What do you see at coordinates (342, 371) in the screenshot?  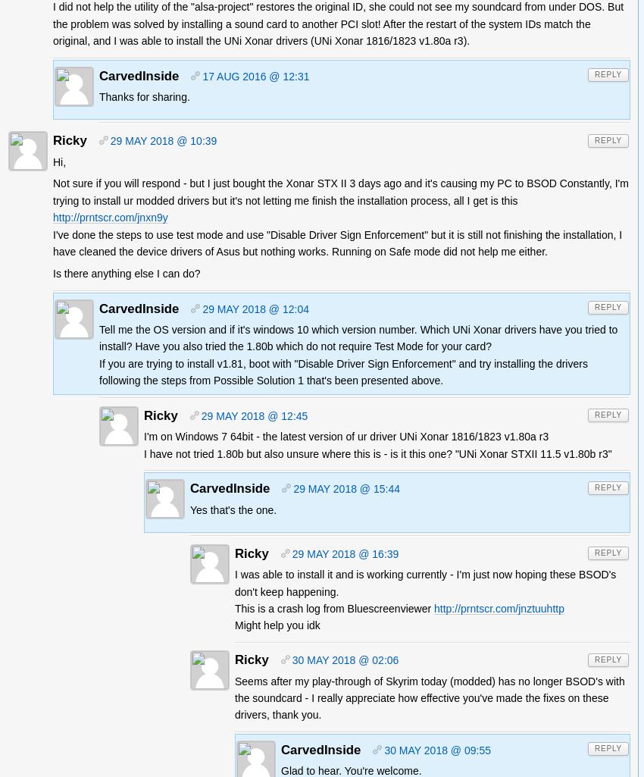 I see `'If you are trying to install v1.81, boot with "Disable Driver Sign Enforcement" and try installing the drivers following the steps from Possible Solution 1 that's been presented above.'` at bounding box center [342, 371].